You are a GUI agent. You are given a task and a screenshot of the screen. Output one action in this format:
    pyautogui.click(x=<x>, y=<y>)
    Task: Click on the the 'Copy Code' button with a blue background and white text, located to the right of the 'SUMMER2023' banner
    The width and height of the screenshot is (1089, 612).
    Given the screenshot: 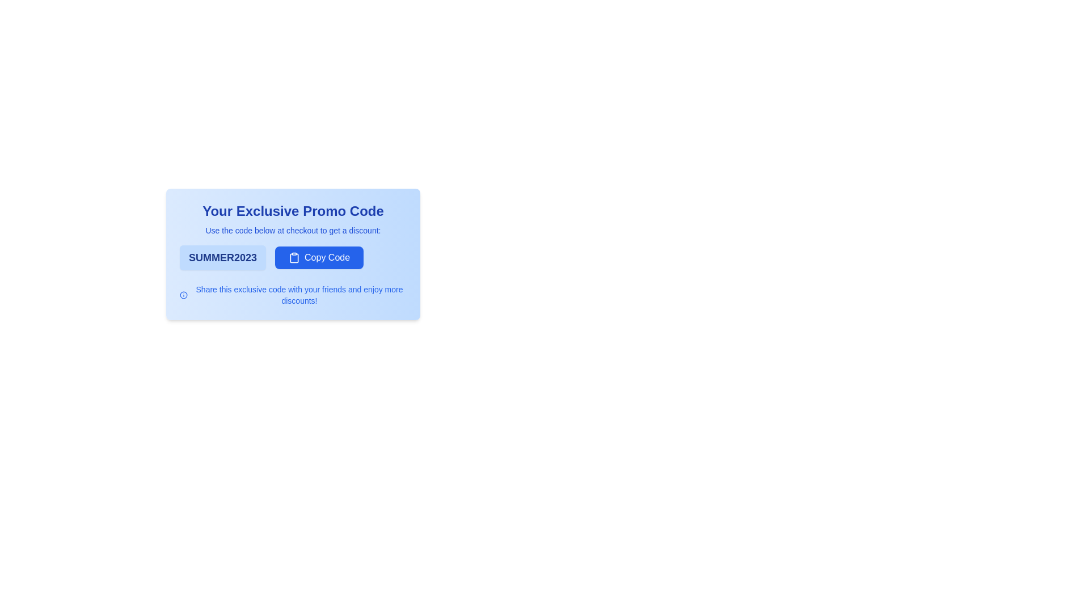 What is the action you would take?
    pyautogui.click(x=293, y=258)
    